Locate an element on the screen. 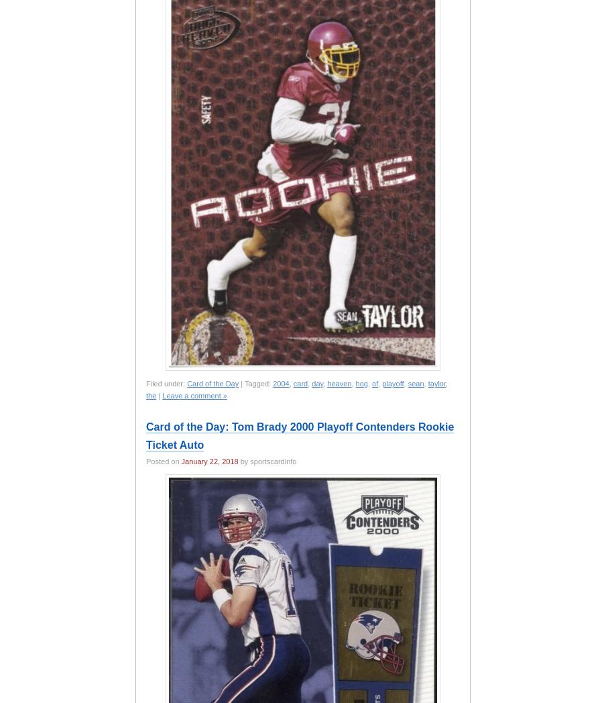  '|' is located at coordinates (158, 396).